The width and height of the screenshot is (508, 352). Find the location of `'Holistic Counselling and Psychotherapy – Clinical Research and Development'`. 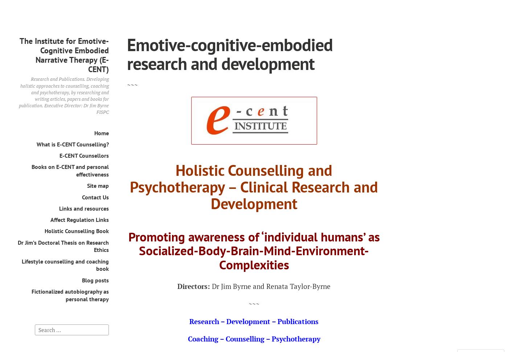

'Holistic Counselling and Psychotherapy – Clinical Research and Development' is located at coordinates (254, 186).